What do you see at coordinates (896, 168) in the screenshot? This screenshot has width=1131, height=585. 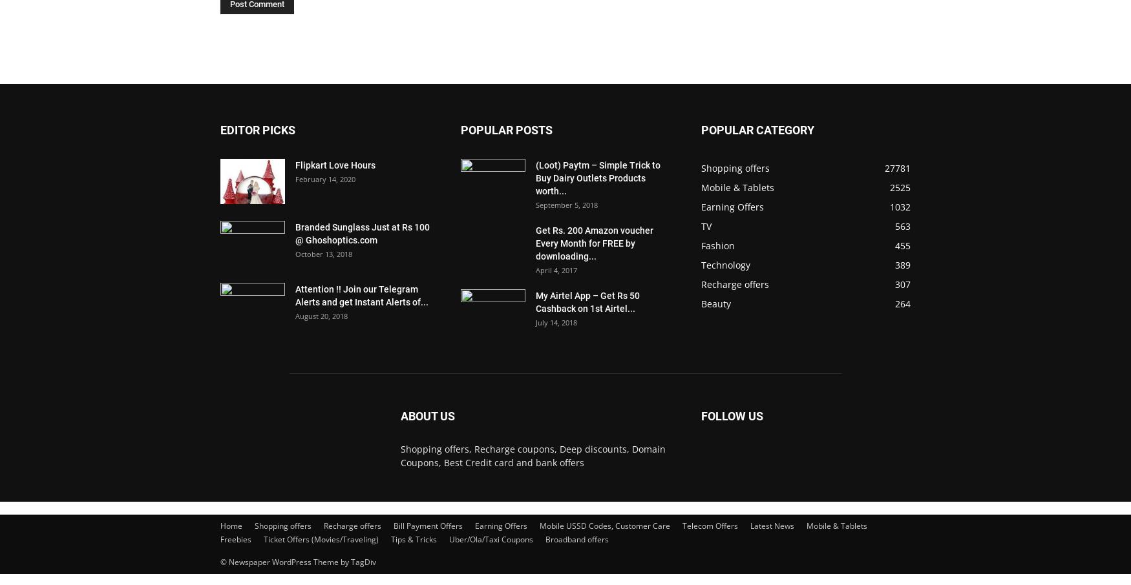 I see `'27781'` at bounding box center [896, 168].